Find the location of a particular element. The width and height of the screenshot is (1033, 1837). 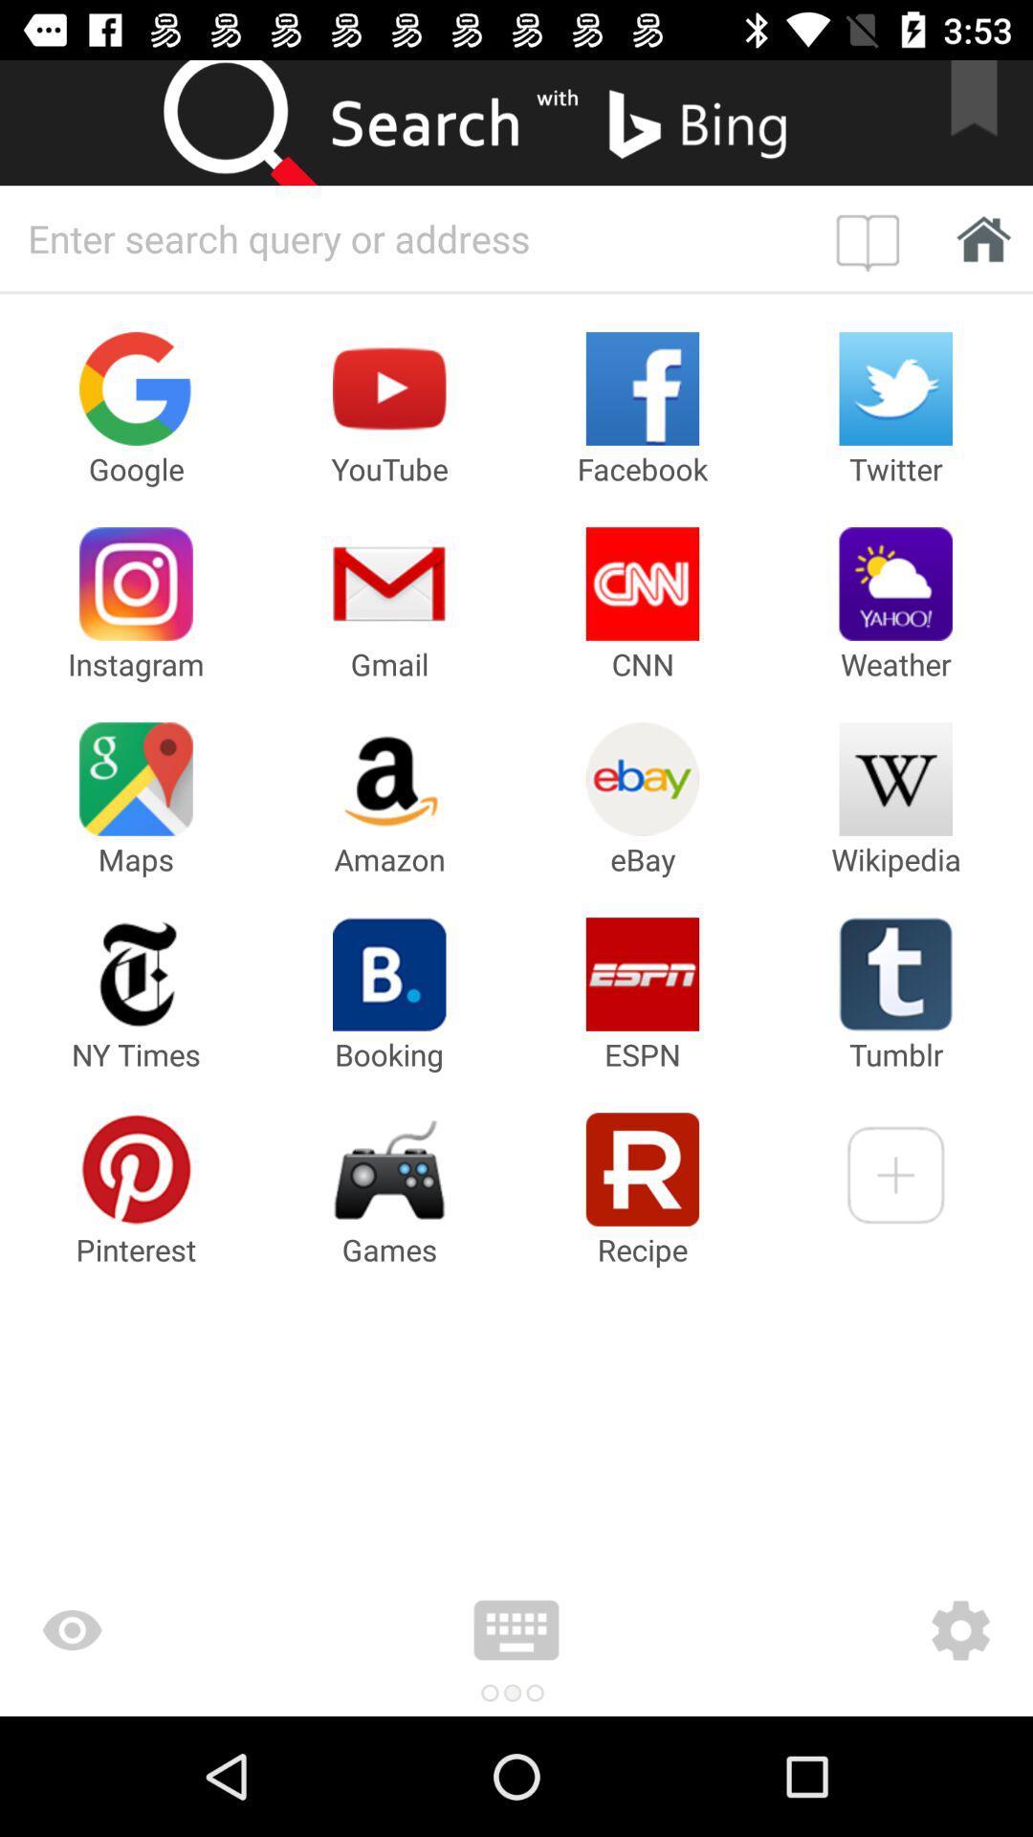

bookmark search is located at coordinates (986, 122).